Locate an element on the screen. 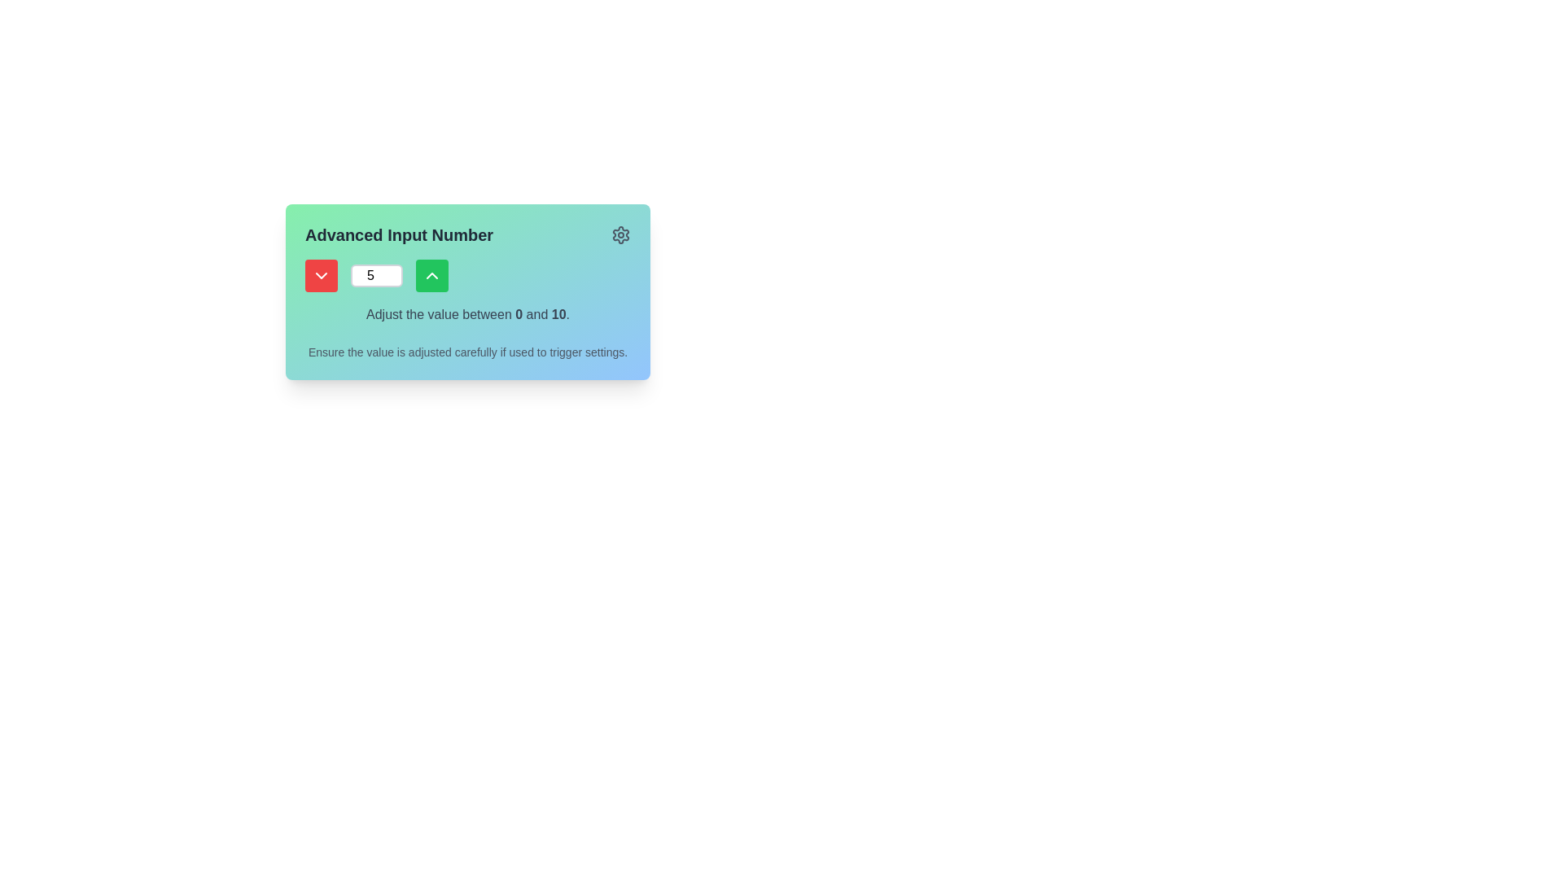  the numeric input field displaying the number '5' to focus the input is located at coordinates (375, 275).